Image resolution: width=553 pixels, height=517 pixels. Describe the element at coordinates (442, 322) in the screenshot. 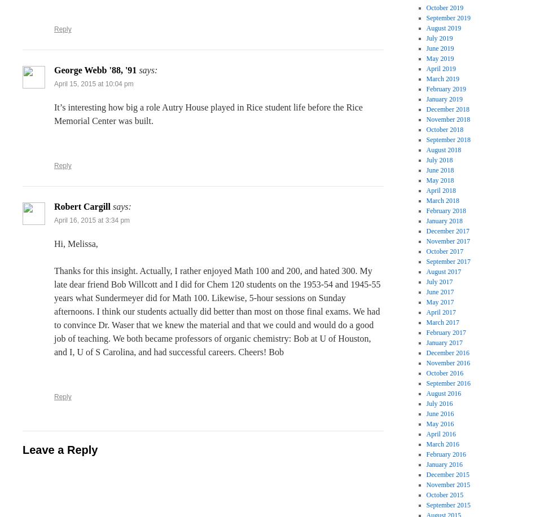

I see `'March 2017'` at that location.